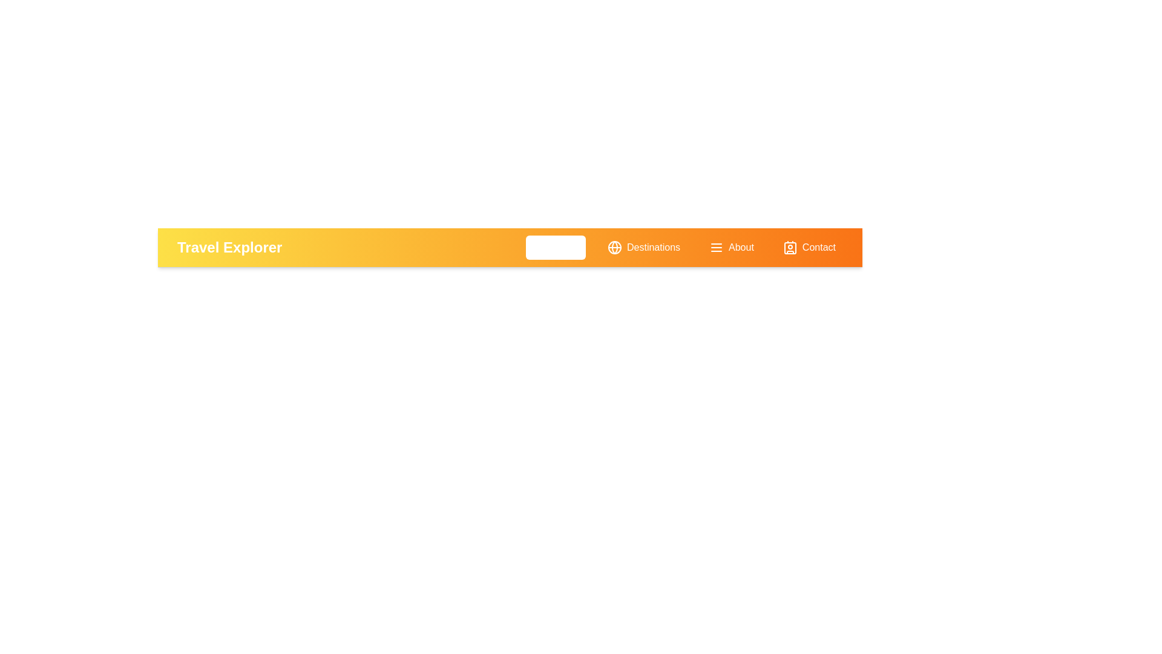  What do you see at coordinates (615, 246) in the screenshot?
I see `the decorative curved line within the globe-like icon located to the left of the 'Destinations' text in the top navigation bar` at bounding box center [615, 246].